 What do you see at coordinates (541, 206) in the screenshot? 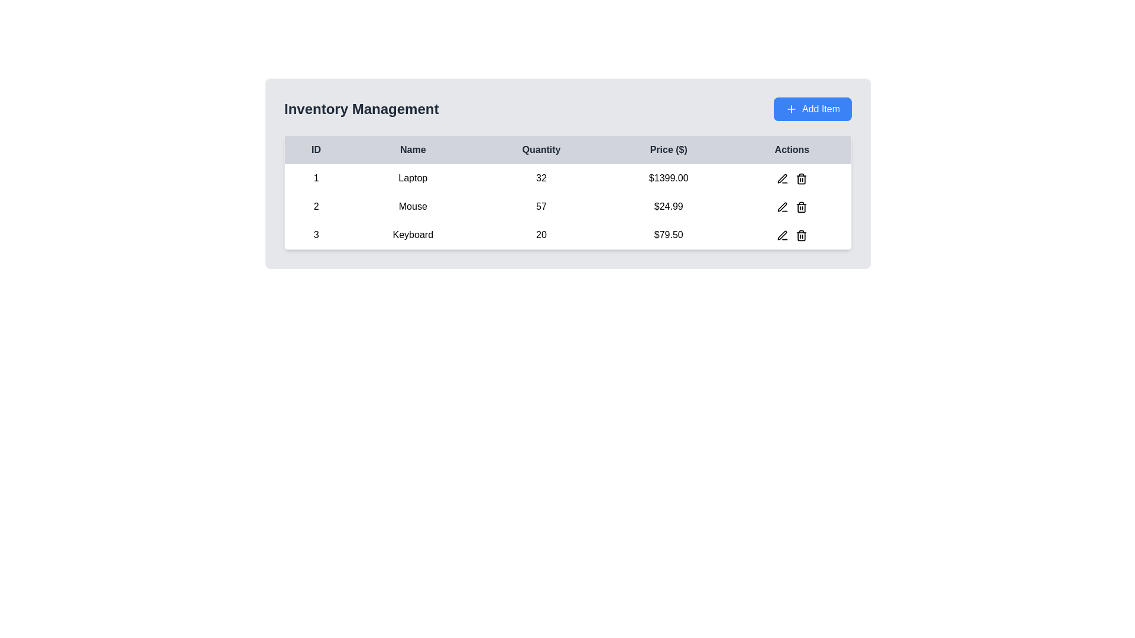
I see `the Text label displaying the quantity of the product in the inventory system, located in the 'Quantity' column of the table in the second row, adjacent to the 'Mouse' cell and the '$24.99' cell` at bounding box center [541, 206].